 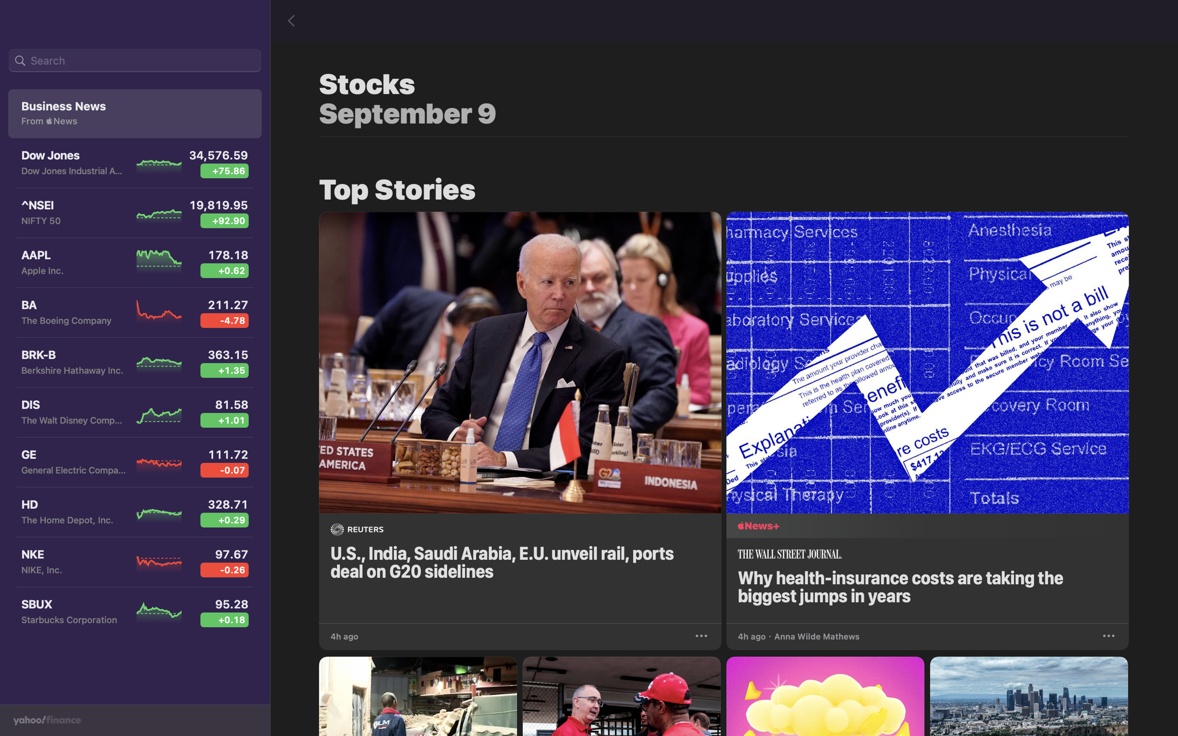 I want to click on the search bar on the top left and type "Aurora" stock, so click(x=134, y=61).